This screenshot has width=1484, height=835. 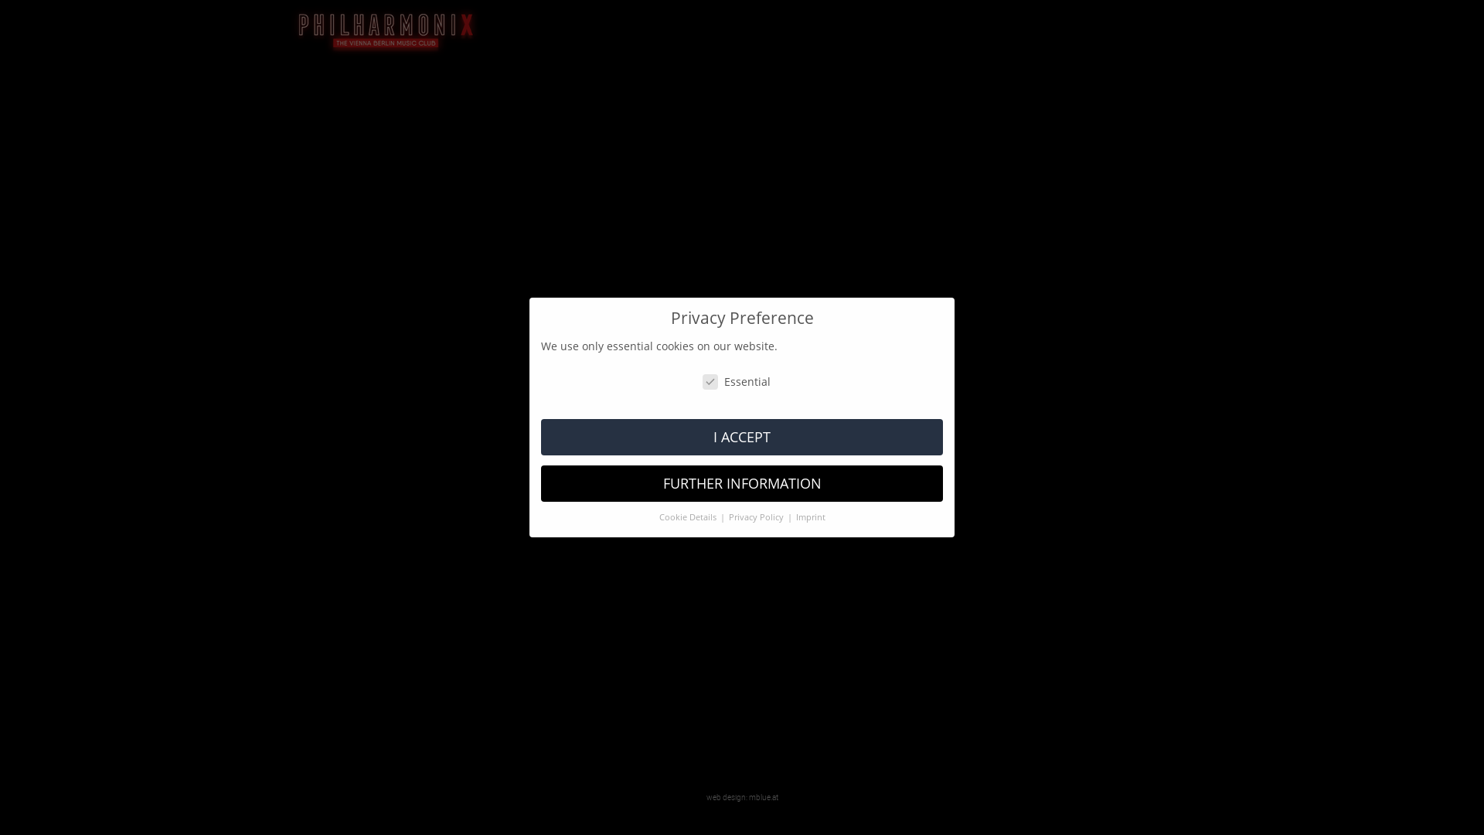 I want to click on 'FURTHER INFORMATION', so click(x=742, y=482).